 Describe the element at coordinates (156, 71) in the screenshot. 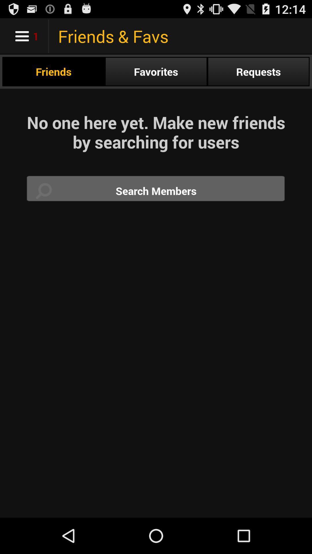

I see `the favorites item` at that location.